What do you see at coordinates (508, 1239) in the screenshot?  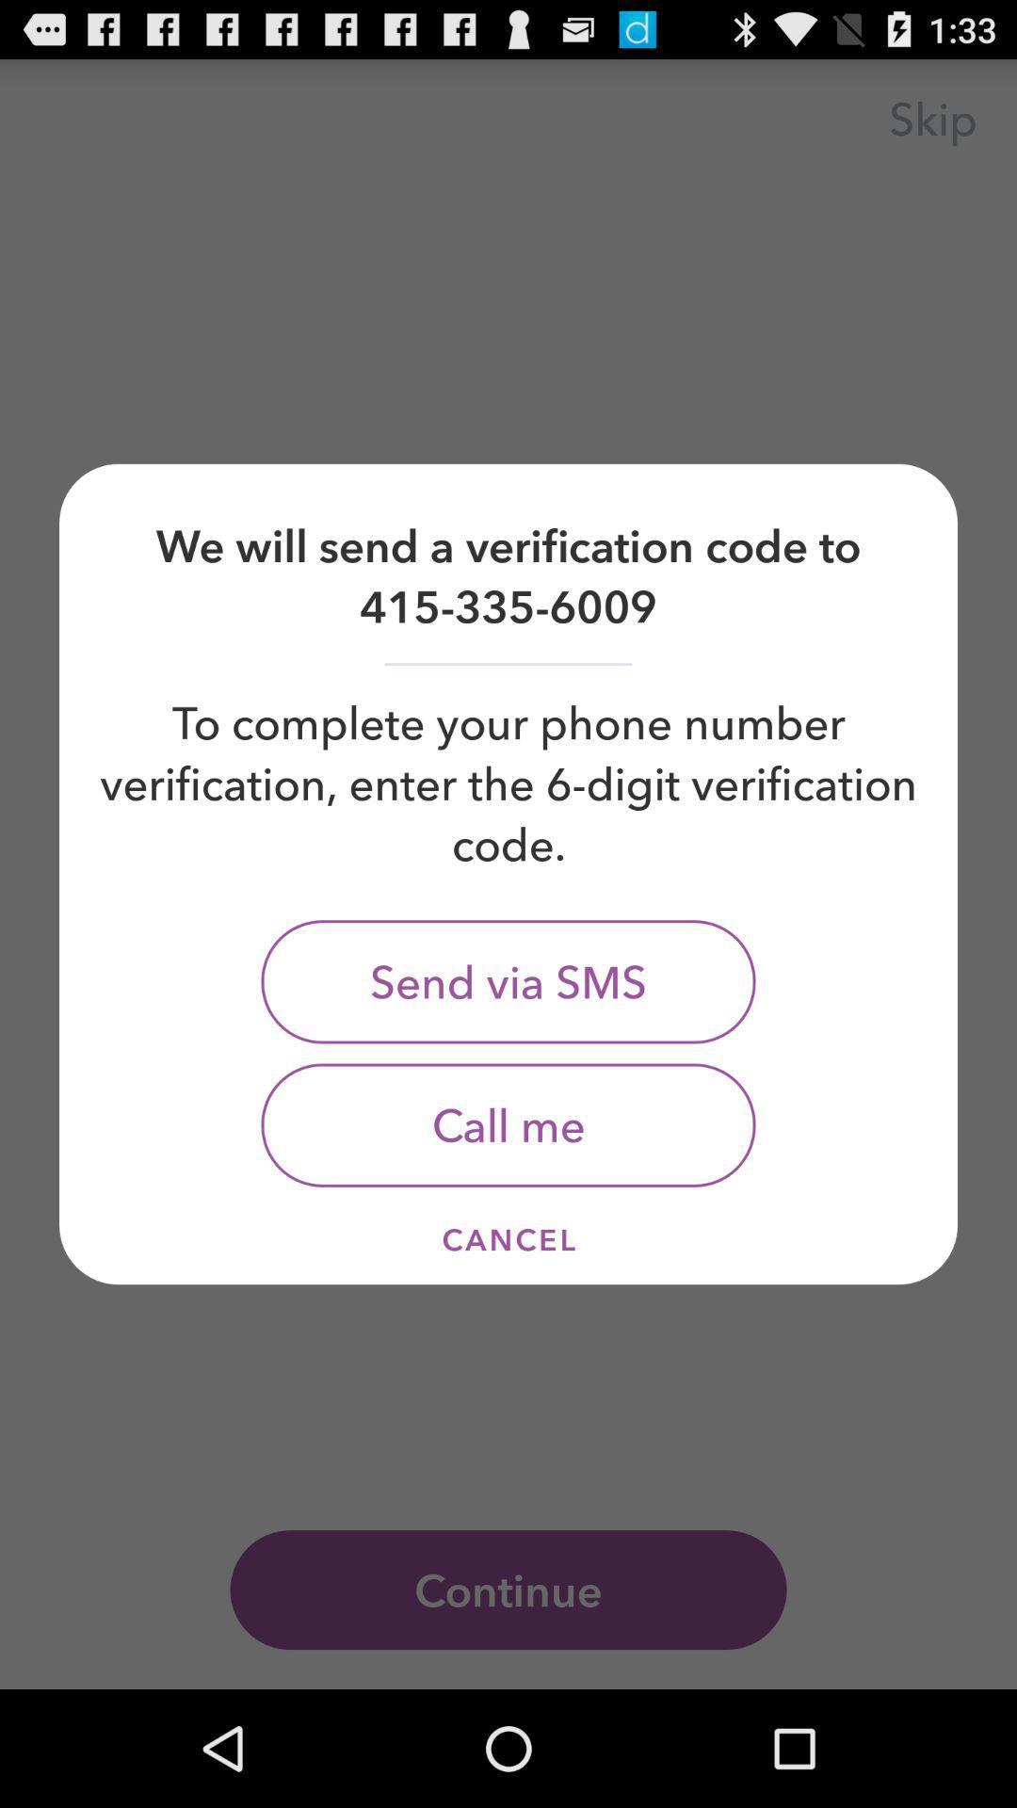 I see `the cancel icon` at bounding box center [508, 1239].